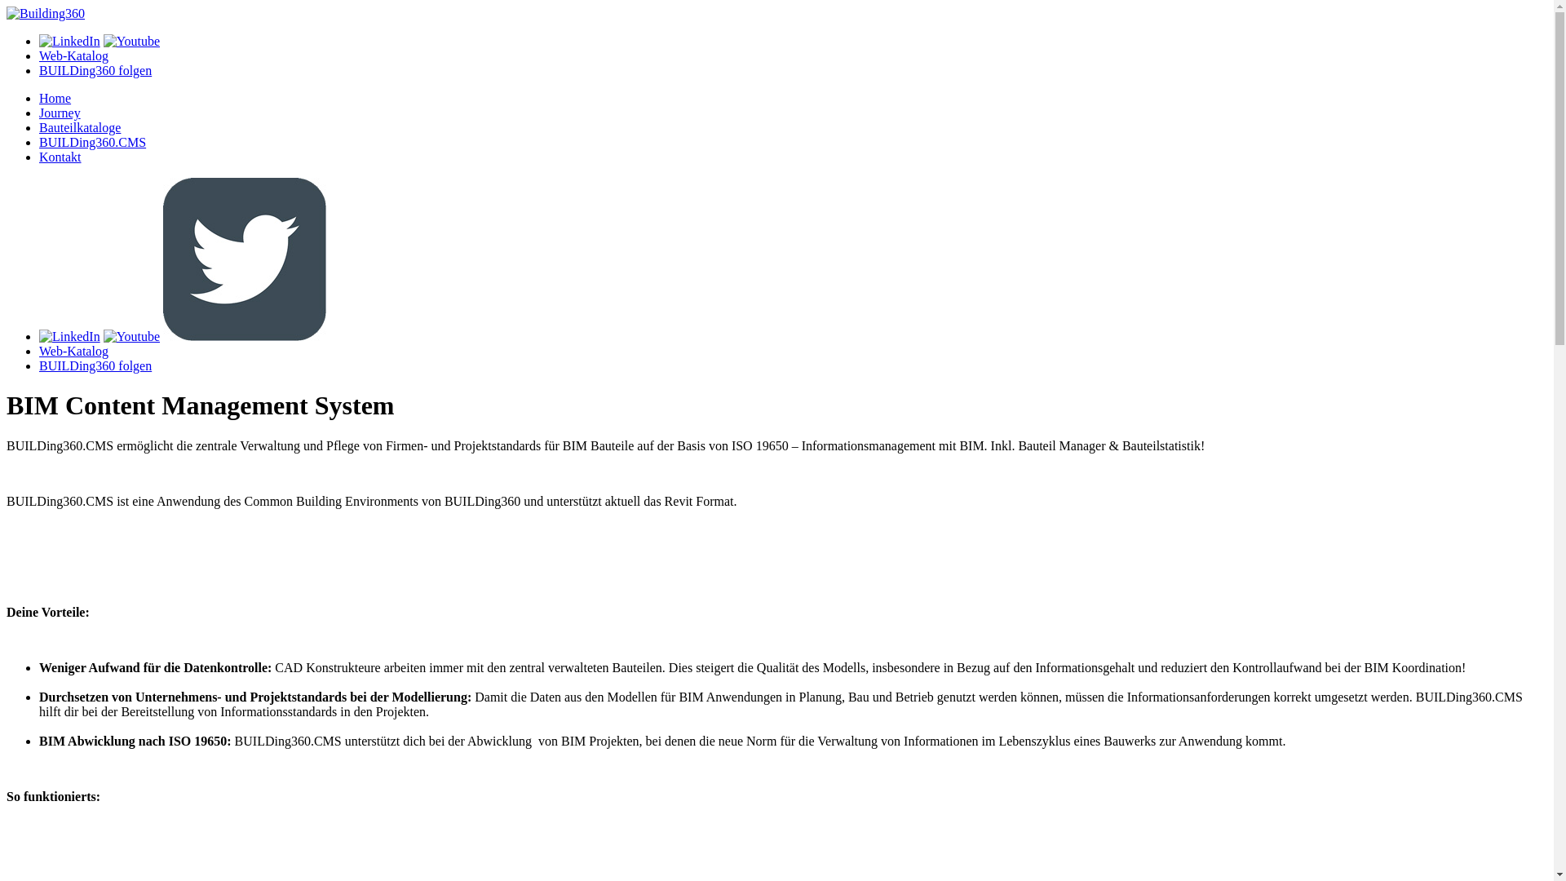 This screenshot has width=1566, height=881. Describe the element at coordinates (73, 55) in the screenshot. I see `'Web-Katalog'` at that location.